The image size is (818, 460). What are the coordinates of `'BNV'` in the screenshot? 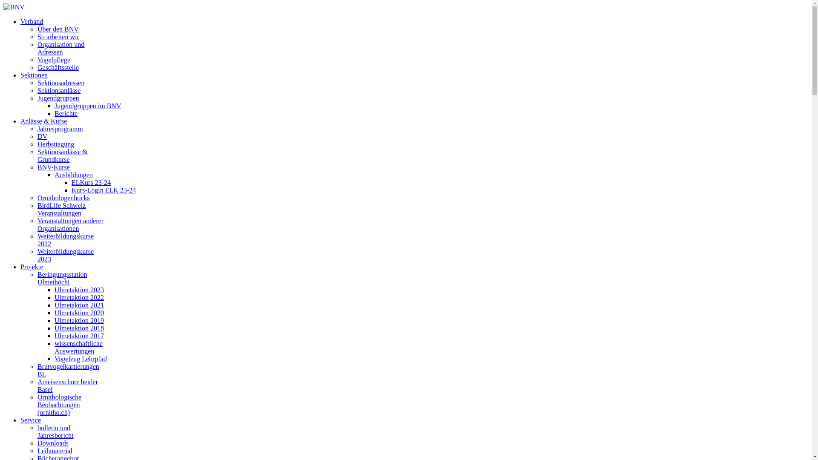 It's located at (3, 7).